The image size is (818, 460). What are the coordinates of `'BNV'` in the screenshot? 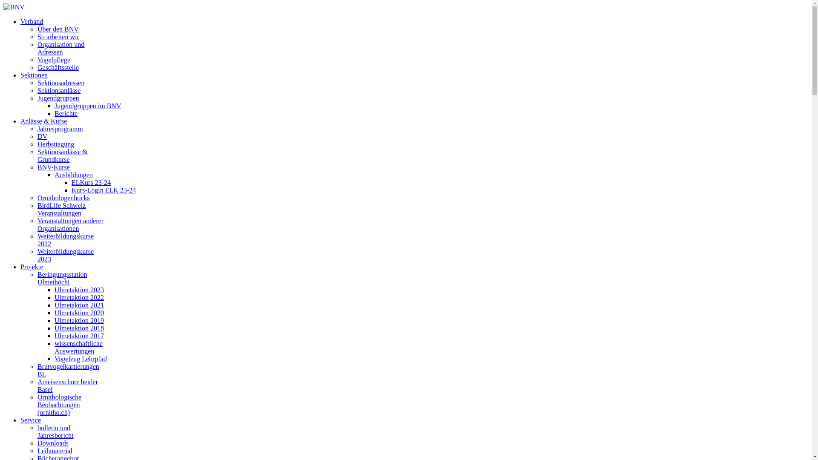 It's located at (3, 7).